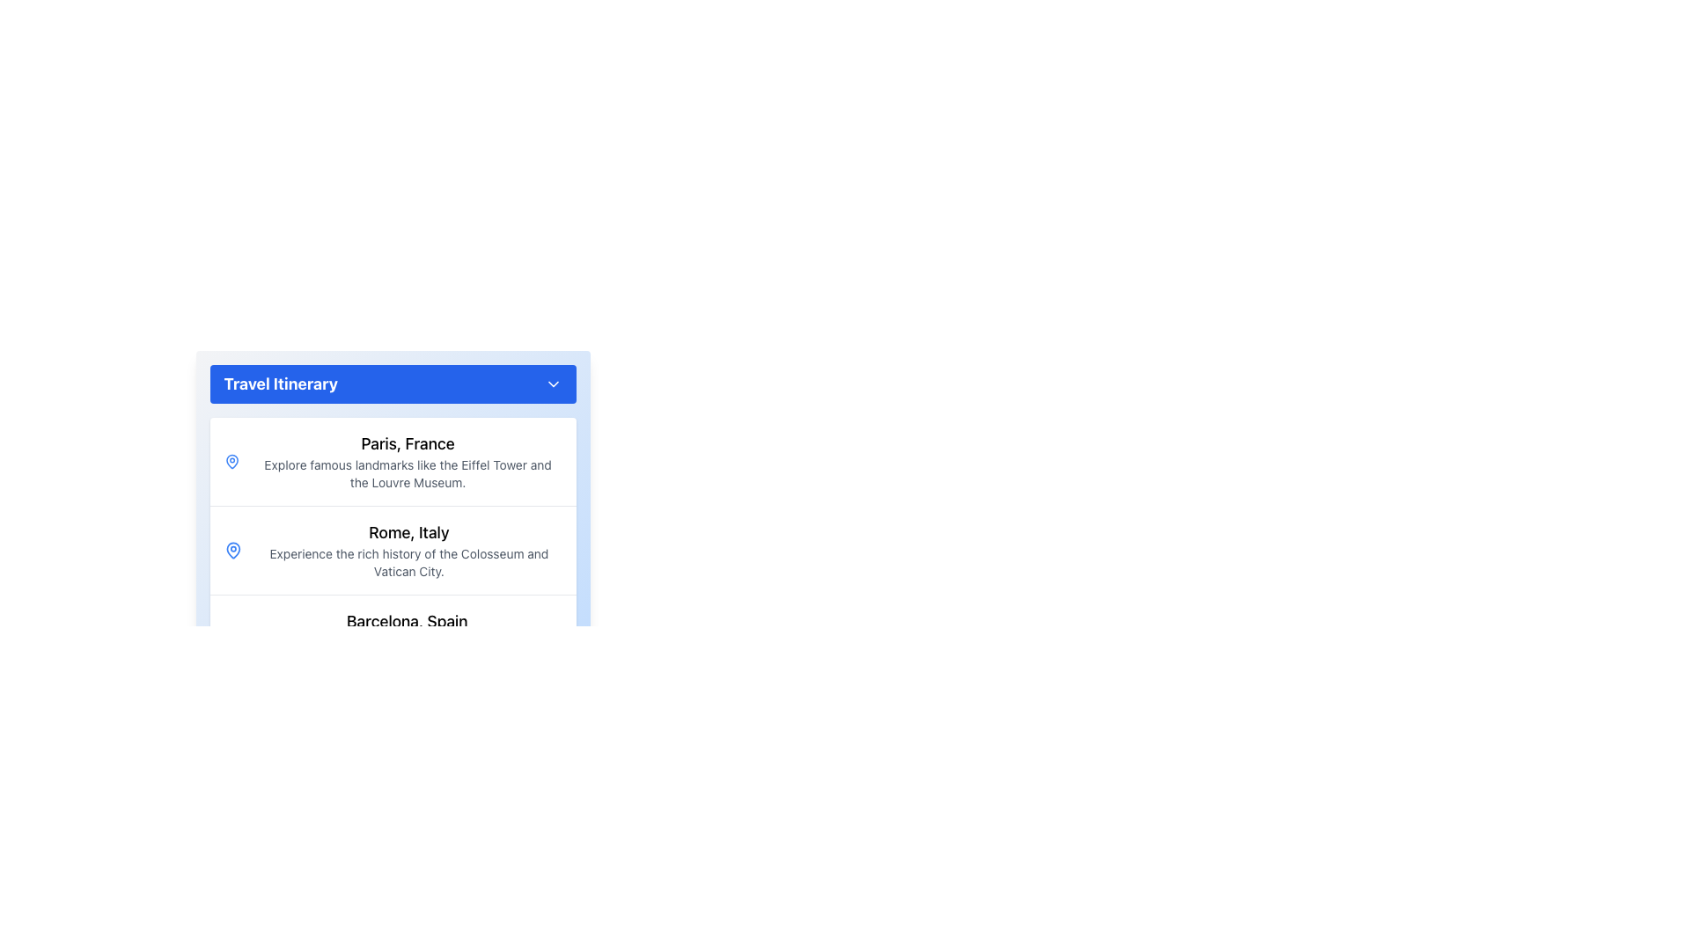 This screenshot has height=950, width=1690. Describe the element at coordinates (392, 639) in the screenshot. I see `information displayed in the third entry of the 'Travel Itinerary' section, which provides details about the Barcelona destination` at that location.